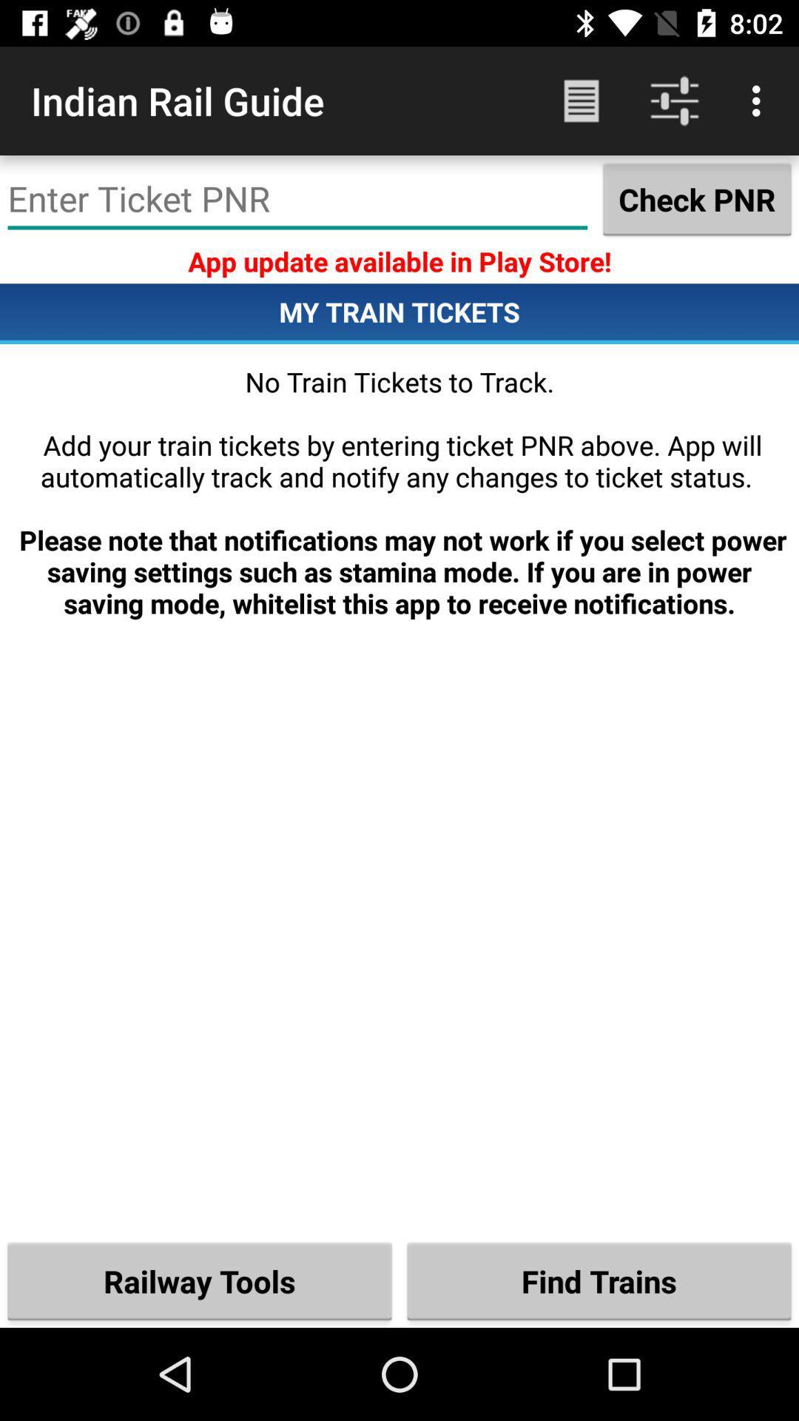 The height and width of the screenshot is (1421, 799). Describe the element at coordinates (200, 1280) in the screenshot. I see `the railway tools` at that location.